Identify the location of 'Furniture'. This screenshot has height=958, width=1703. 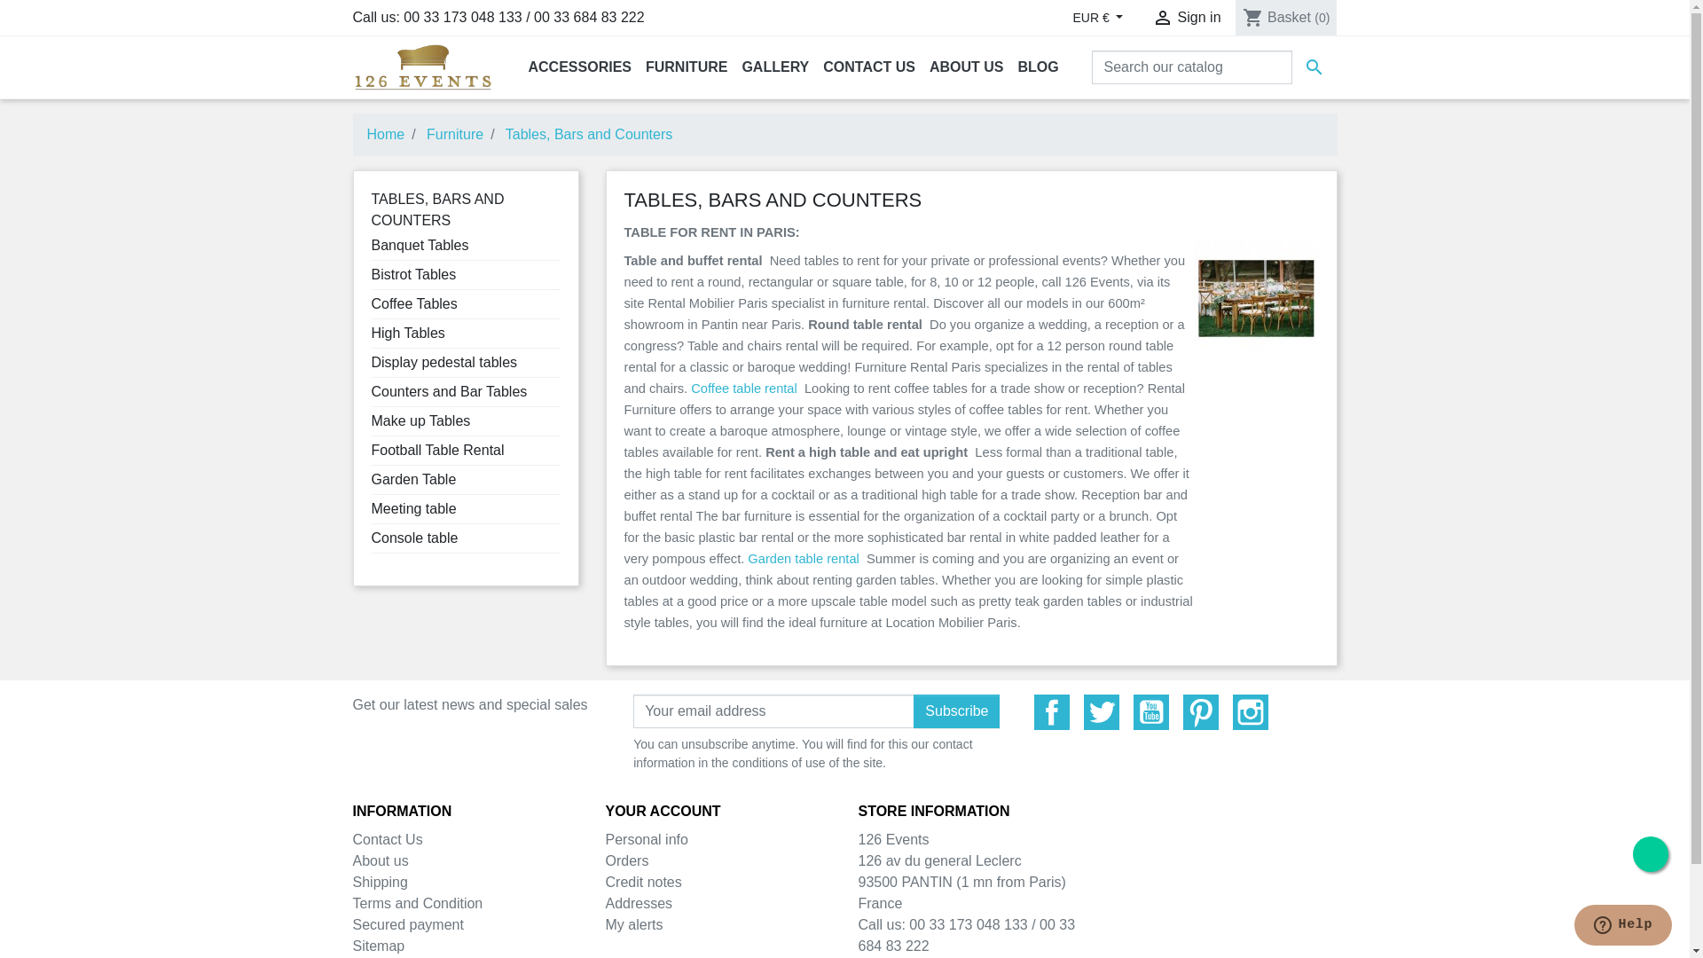
(455, 133).